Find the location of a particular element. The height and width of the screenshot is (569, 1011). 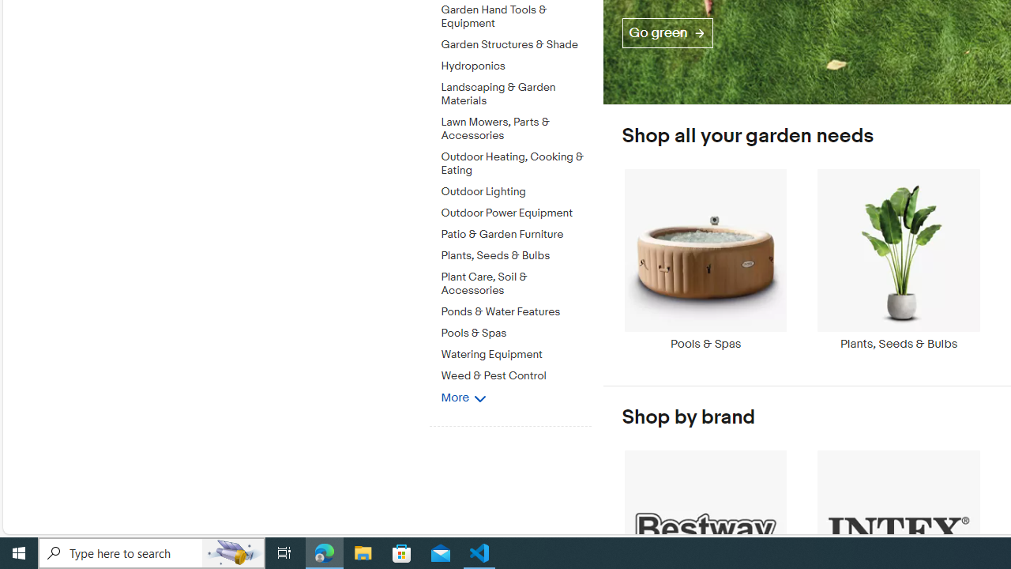

'Outdoor Power Equipment' is located at coordinates (516, 213).